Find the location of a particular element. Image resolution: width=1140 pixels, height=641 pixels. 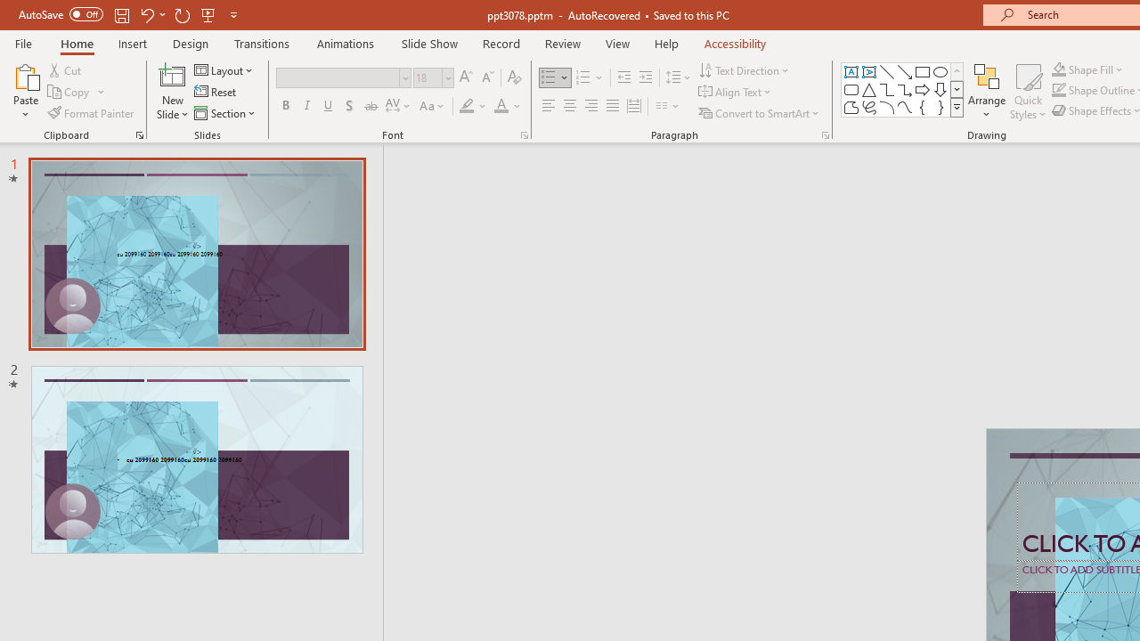

'Row Down' is located at coordinates (956, 89).